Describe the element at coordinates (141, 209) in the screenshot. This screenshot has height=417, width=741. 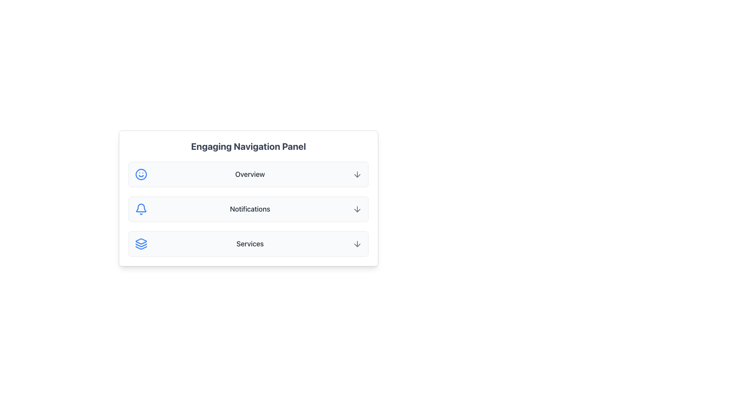
I see `the bell icon in the Notifications section, which is located to the left of the 'Notifications' label and above the downward-pointing arrow icon` at that location.